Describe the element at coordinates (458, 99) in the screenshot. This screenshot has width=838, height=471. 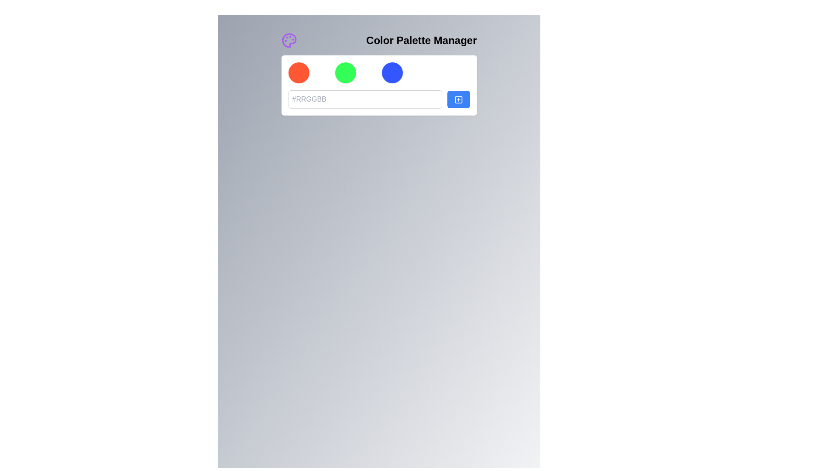
I see `the small, square-shaped SVG icon with rounded corners, which is part of a button featuring a symbolic '+' sign, located on the right side of a color selection interface` at that location.